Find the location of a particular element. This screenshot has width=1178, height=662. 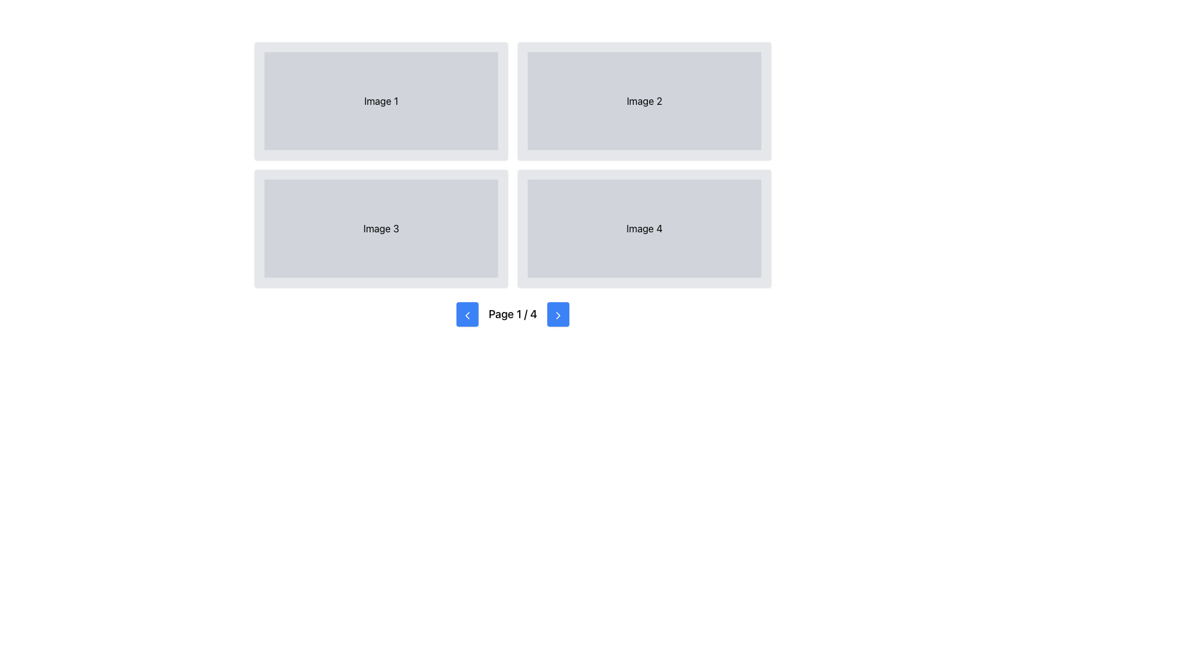

the Image Placeholder element, which is a rectangular card with a gray background and centered text 'Image 1', located in the top-left corner of a 2x2 grid layout is located at coordinates (380, 101).